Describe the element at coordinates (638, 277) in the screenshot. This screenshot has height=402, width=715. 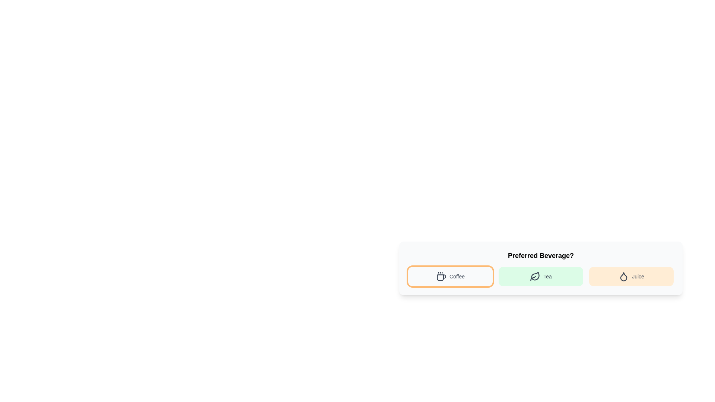
I see `the text label displaying 'Juice' to highlight it and display additional information` at that location.